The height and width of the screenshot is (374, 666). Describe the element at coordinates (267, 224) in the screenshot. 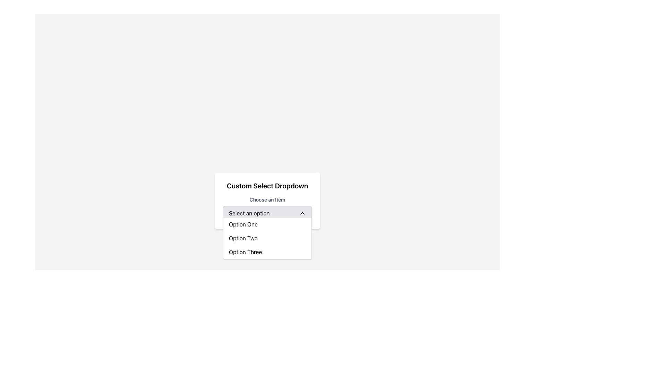

I see `the dropdown menu item labeled 'Option One' to trigger the hover effect` at that location.